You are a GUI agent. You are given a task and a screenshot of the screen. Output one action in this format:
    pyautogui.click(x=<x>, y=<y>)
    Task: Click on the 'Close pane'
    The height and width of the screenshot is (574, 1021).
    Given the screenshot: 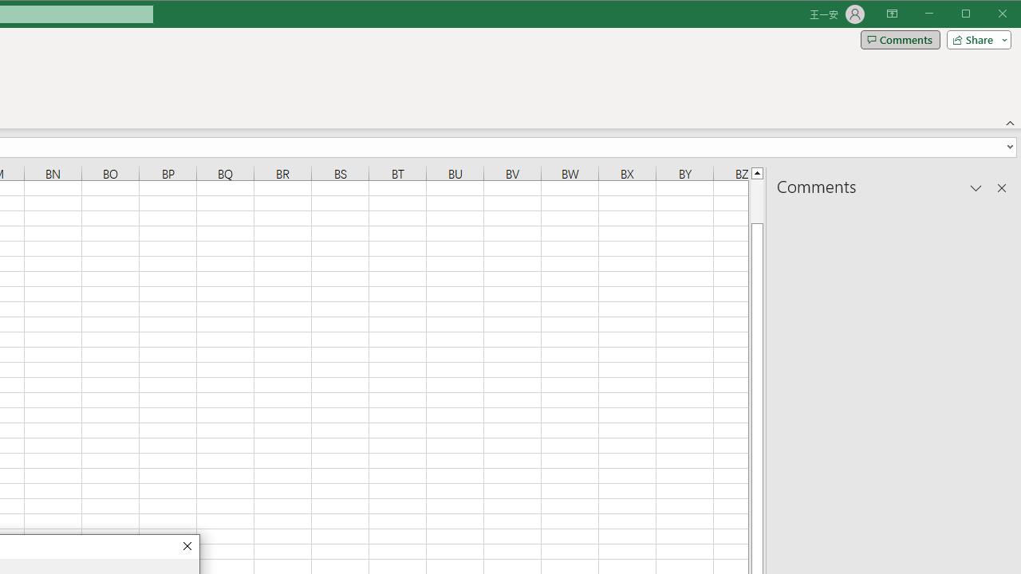 What is the action you would take?
    pyautogui.click(x=1001, y=187)
    